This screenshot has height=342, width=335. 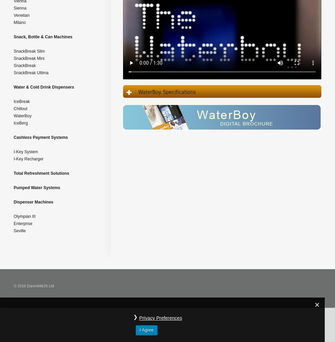 What do you see at coordinates (20, 108) in the screenshot?
I see `'Chillout'` at bounding box center [20, 108].